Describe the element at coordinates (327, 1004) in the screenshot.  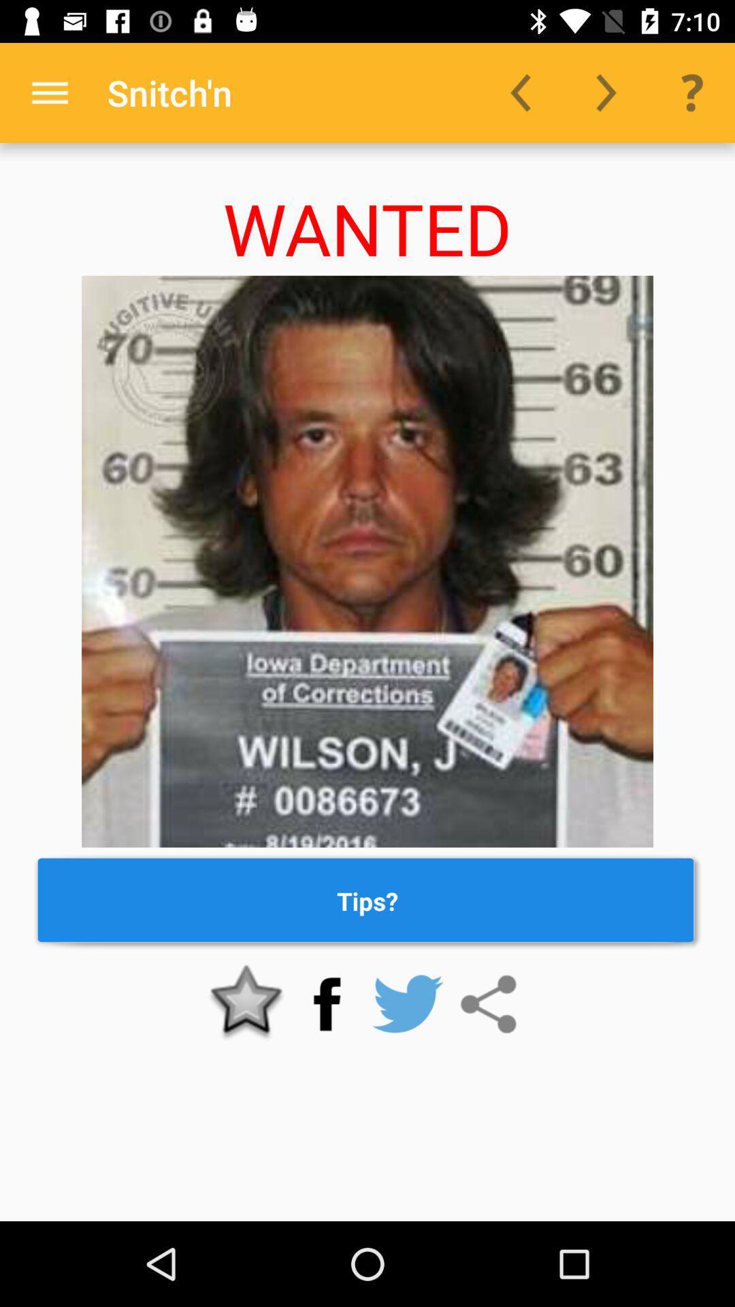
I see `share on facebook` at that location.